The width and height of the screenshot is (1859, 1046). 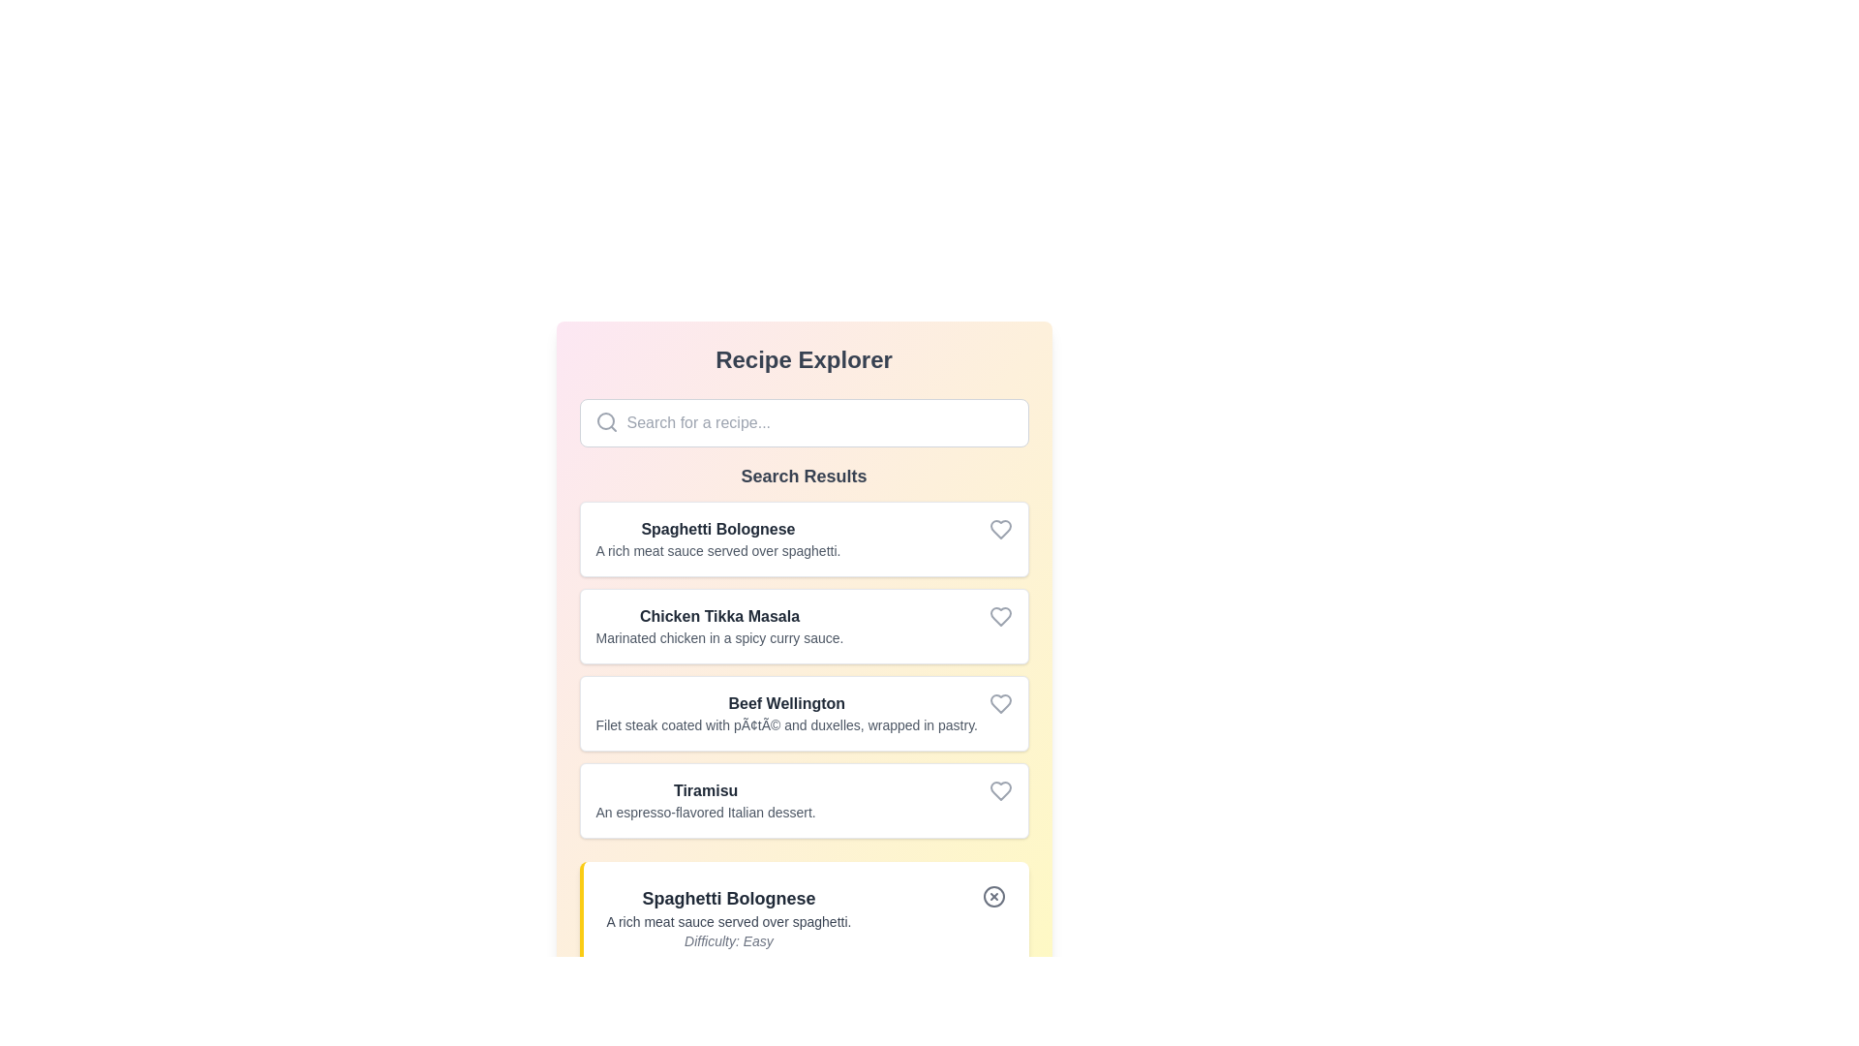 I want to click on the list entry containing 'Chicken Tikka Masala' which has bold dark gray text and a description in lighter gray below it, so click(x=718, y=627).